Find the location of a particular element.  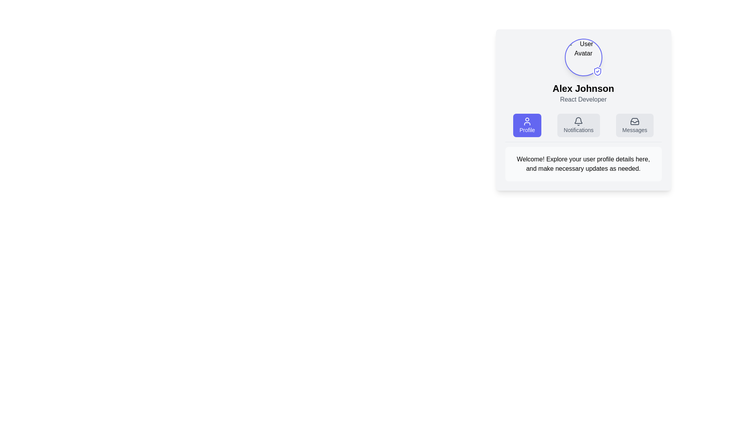

the first button in the group of three buttons that navigates to the profile management section, located directly underneath the user's profile details and above the description box is located at coordinates (527, 125).